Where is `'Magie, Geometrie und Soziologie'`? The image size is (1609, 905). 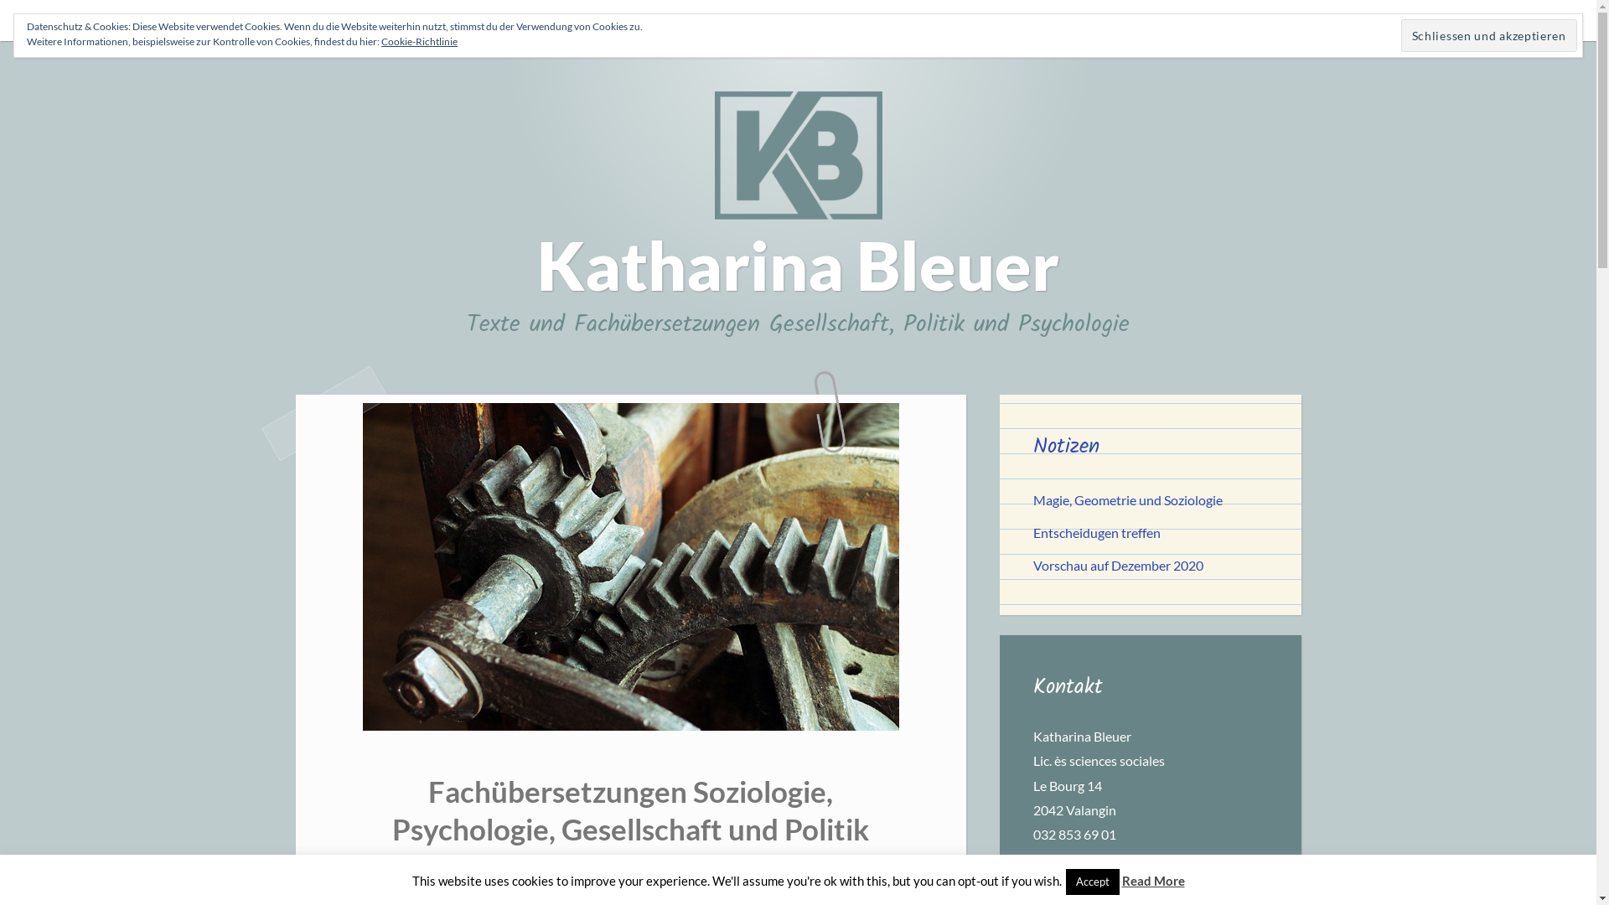 'Magie, Geometrie und Soziologie' is located at coordinates (1126, 499).